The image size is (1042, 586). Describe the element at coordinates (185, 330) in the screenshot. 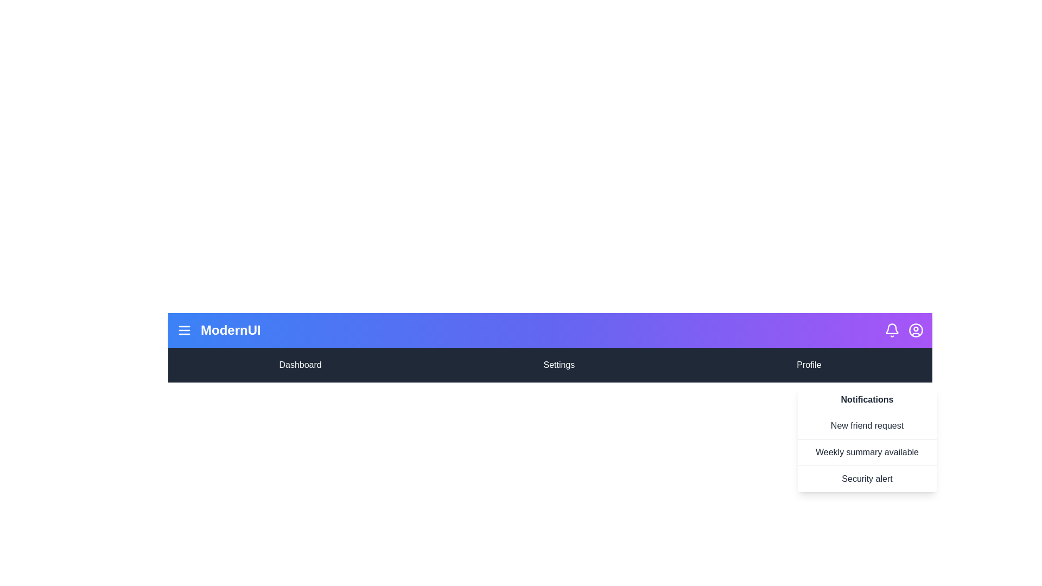

I see `the menu icon` at that location.